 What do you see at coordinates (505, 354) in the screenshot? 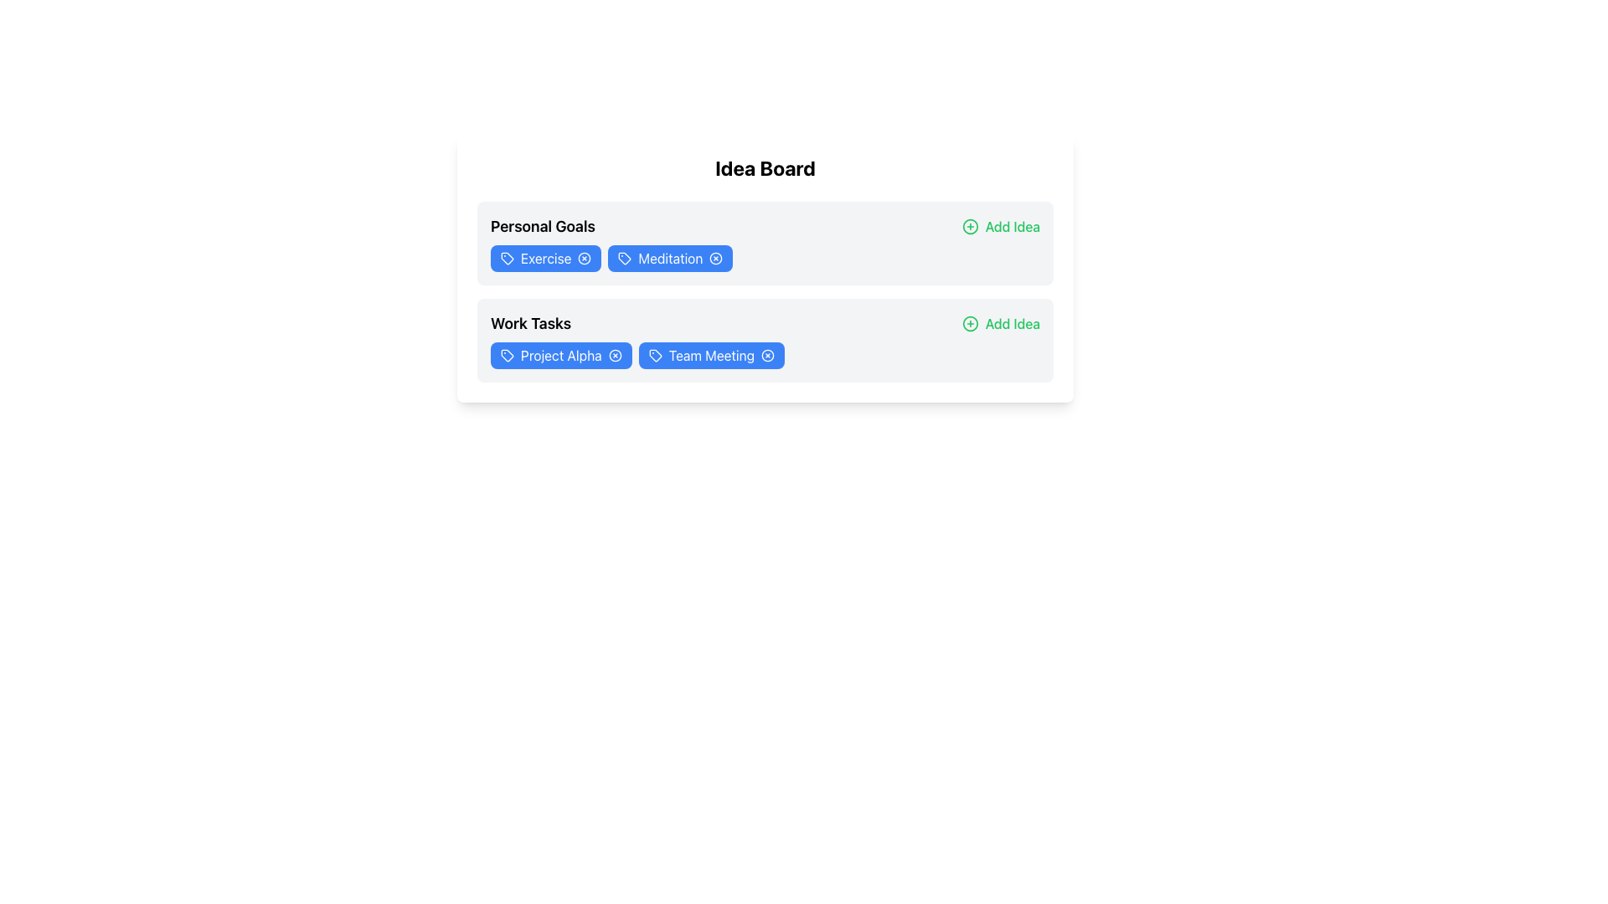
I see `the vector graphic element that represents a 'tag' icon preceding the text 'Project Alpha' in the second item of the 'Work Tasks' section` at bounding box center [505, 354].